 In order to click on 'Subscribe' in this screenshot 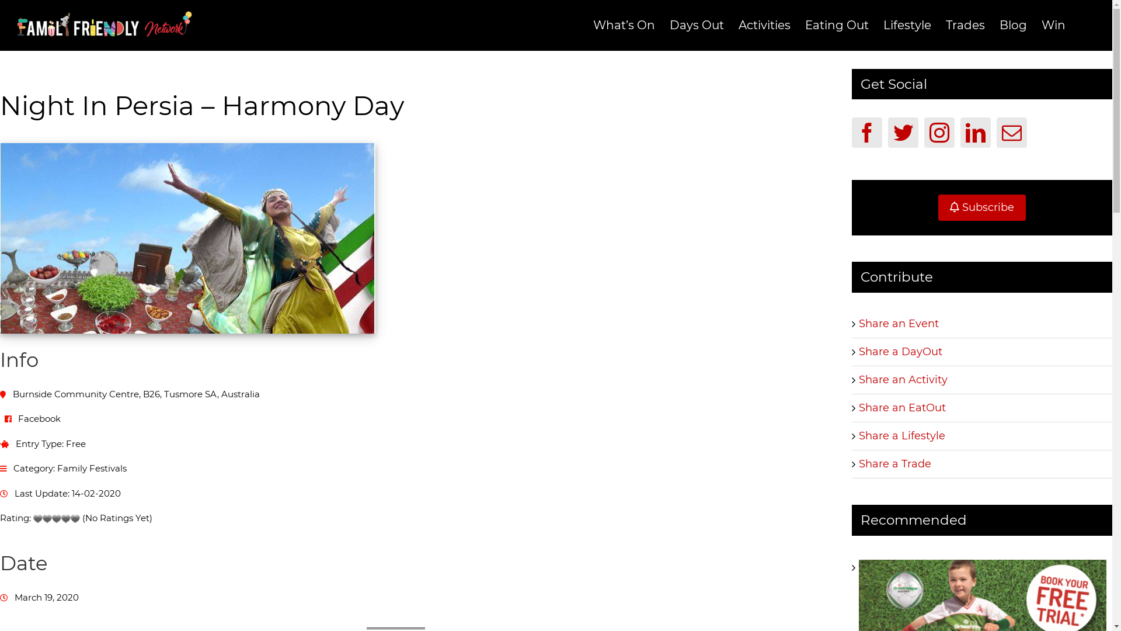, I will do `click(938, 207)`.